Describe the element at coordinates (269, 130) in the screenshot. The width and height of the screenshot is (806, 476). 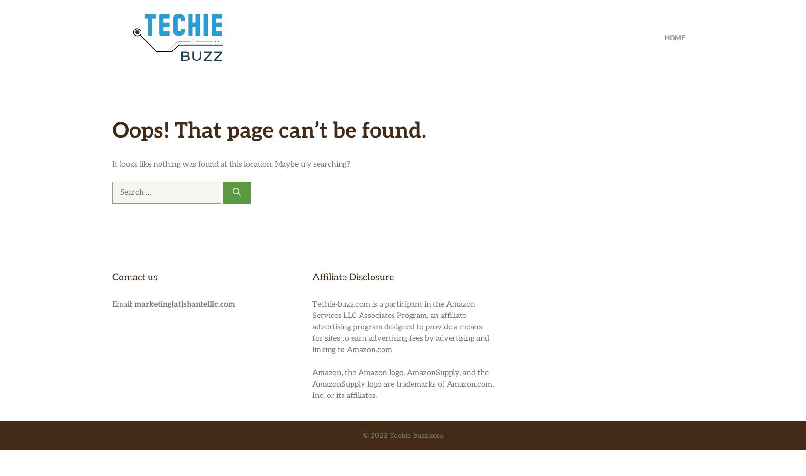
I see `'Oops! That page can’t be found.'` at that location.